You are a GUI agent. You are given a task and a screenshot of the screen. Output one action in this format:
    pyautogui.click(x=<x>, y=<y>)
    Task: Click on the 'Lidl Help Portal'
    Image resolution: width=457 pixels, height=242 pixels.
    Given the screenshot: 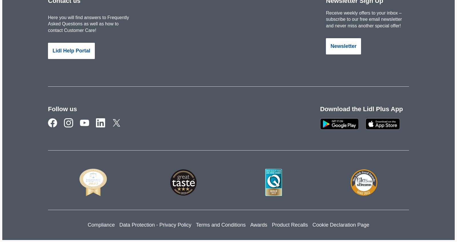 What is the action you would take?
    pyautogui.click(x=52, y=51)
    